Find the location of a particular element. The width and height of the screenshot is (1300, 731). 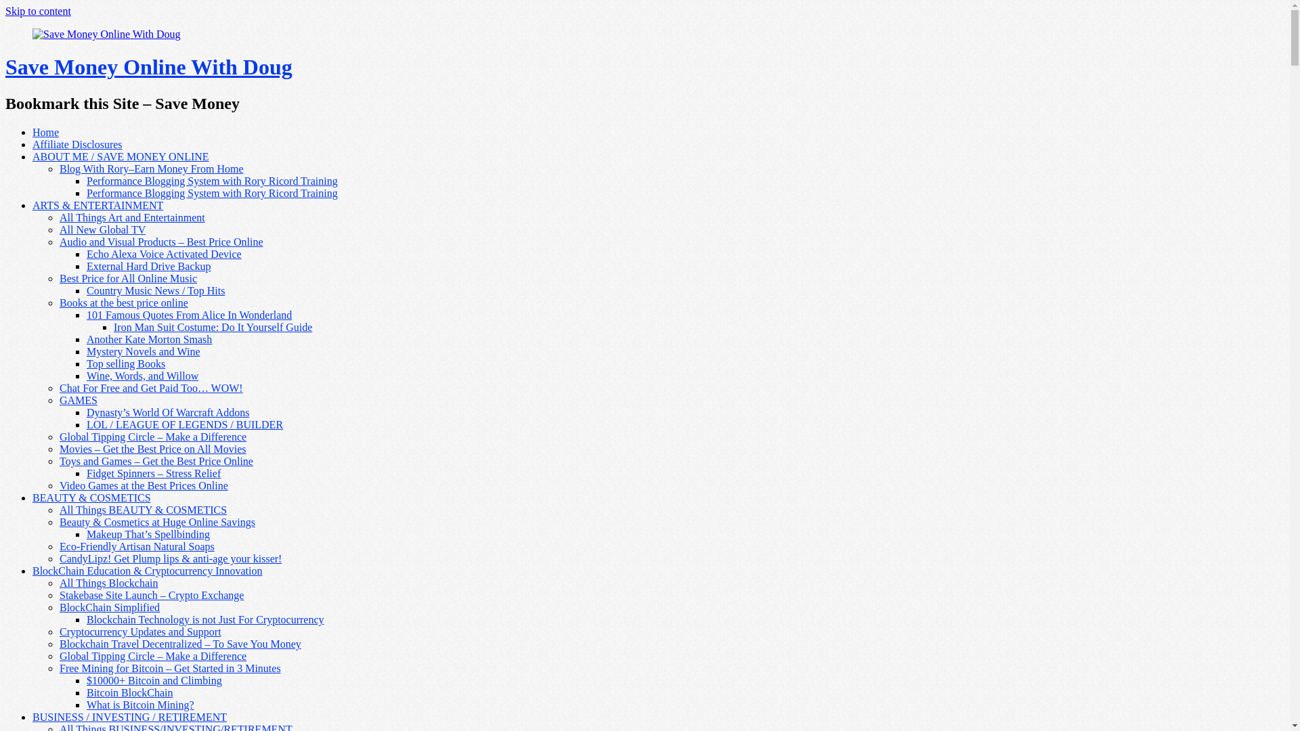

'All Things BEAUTY & COSMETICS' is located at coordinates (58, 510).